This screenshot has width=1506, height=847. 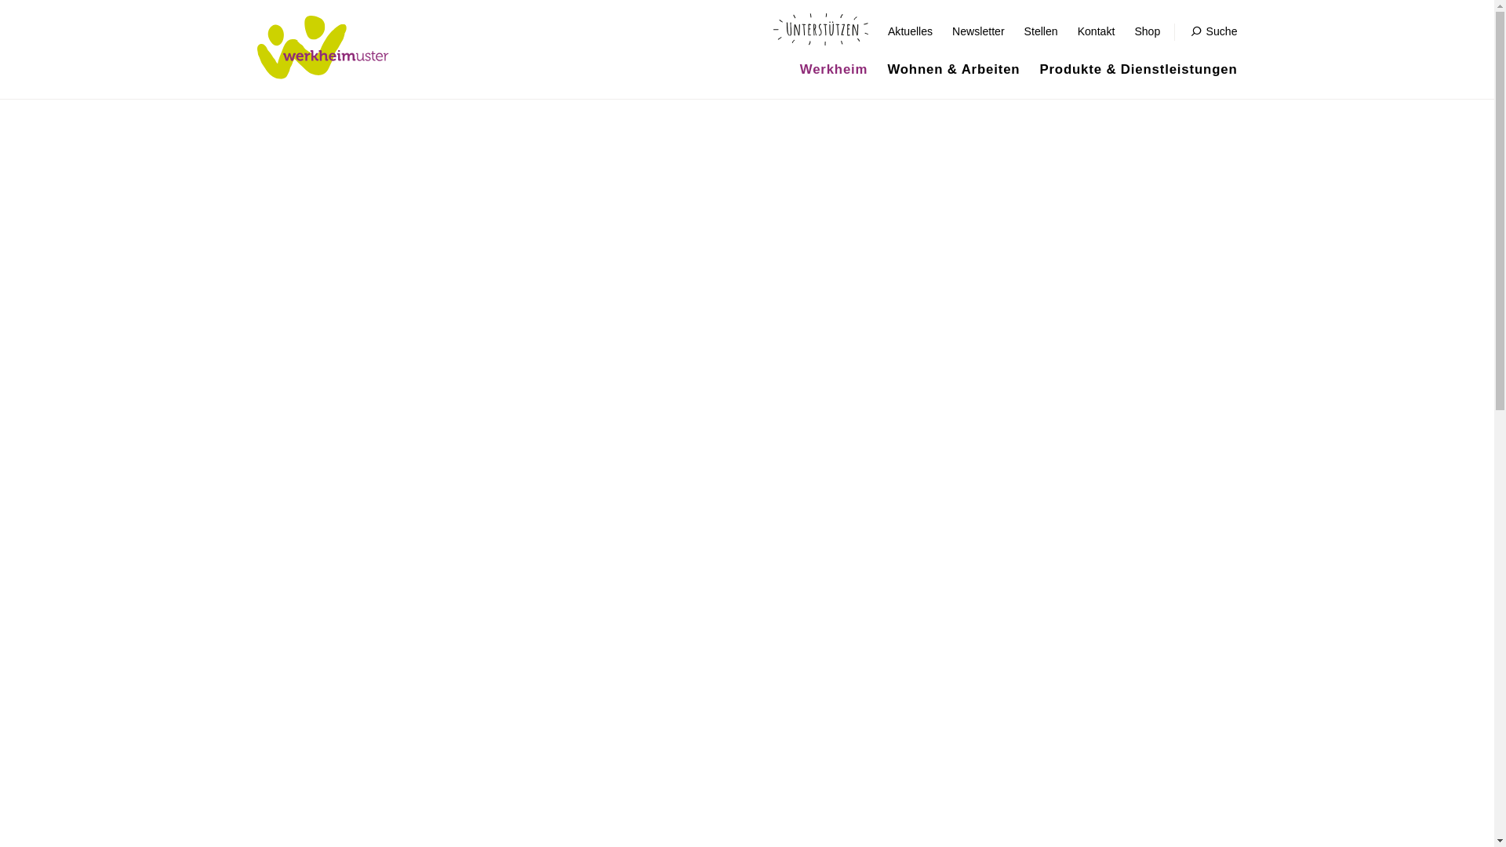 What do you see at coordinates (1137, 68) in the screenshot?
I see `'Produkte & Dienstleistungen'` at bounding box center [1137, 68].